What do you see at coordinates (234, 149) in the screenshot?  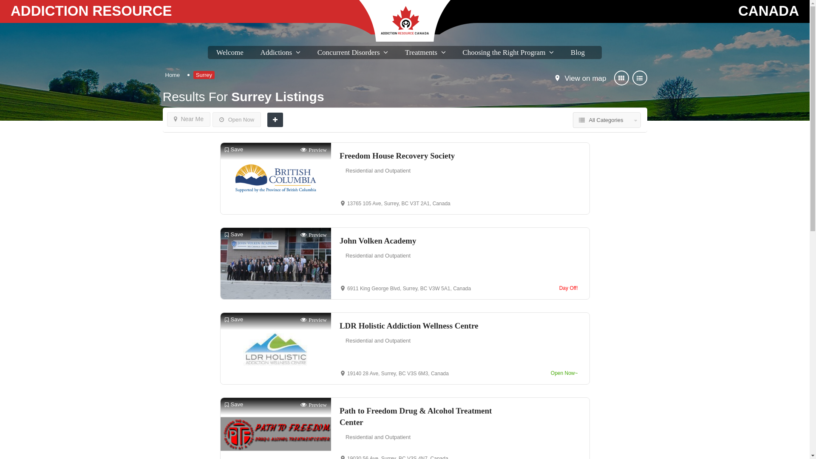 I see `'Save'` at bounding box center [234, 149].